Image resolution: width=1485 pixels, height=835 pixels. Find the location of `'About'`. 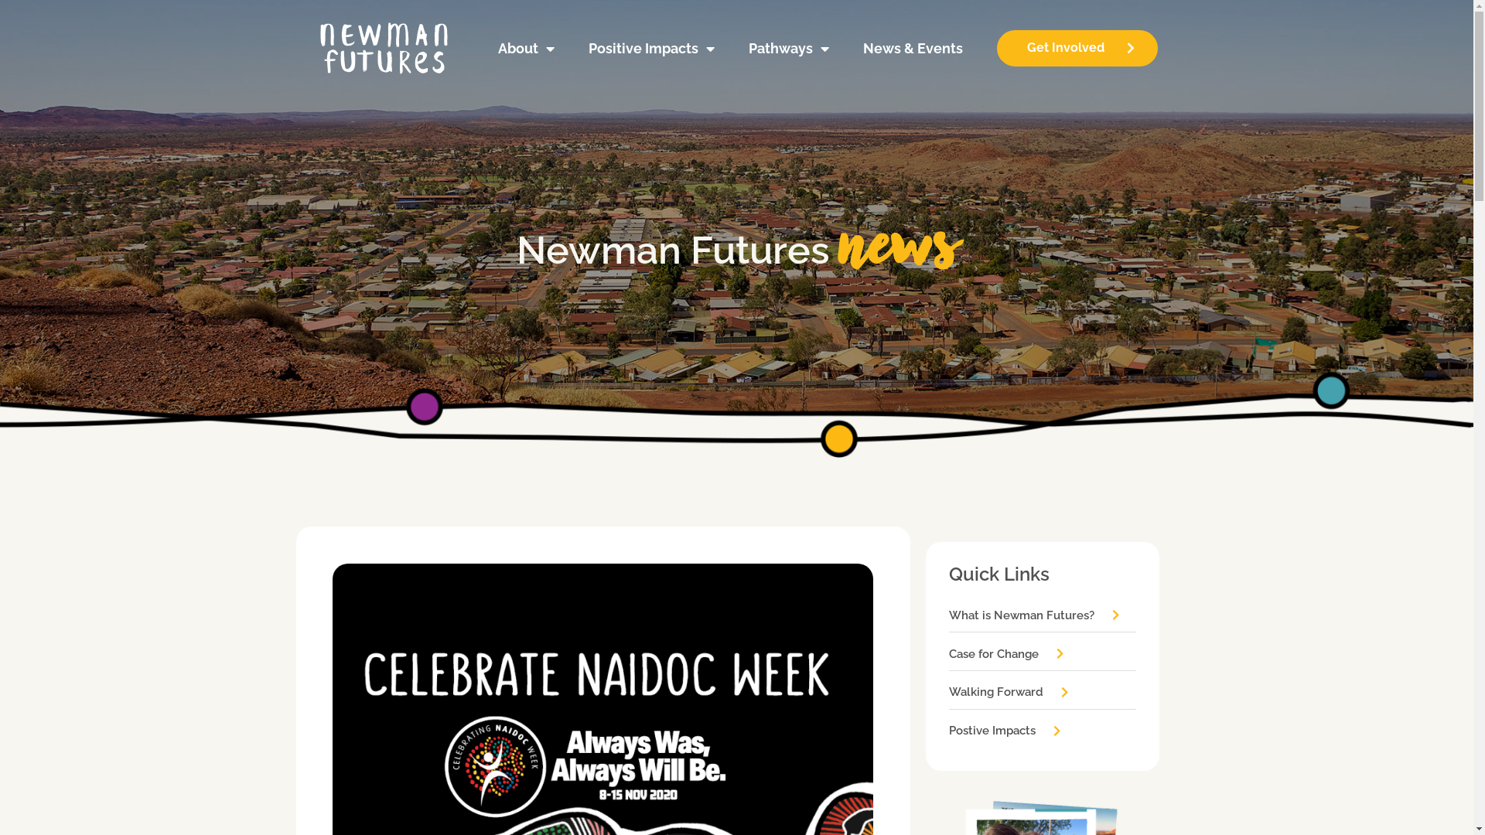

'About' is located at coordinates (484, 47).